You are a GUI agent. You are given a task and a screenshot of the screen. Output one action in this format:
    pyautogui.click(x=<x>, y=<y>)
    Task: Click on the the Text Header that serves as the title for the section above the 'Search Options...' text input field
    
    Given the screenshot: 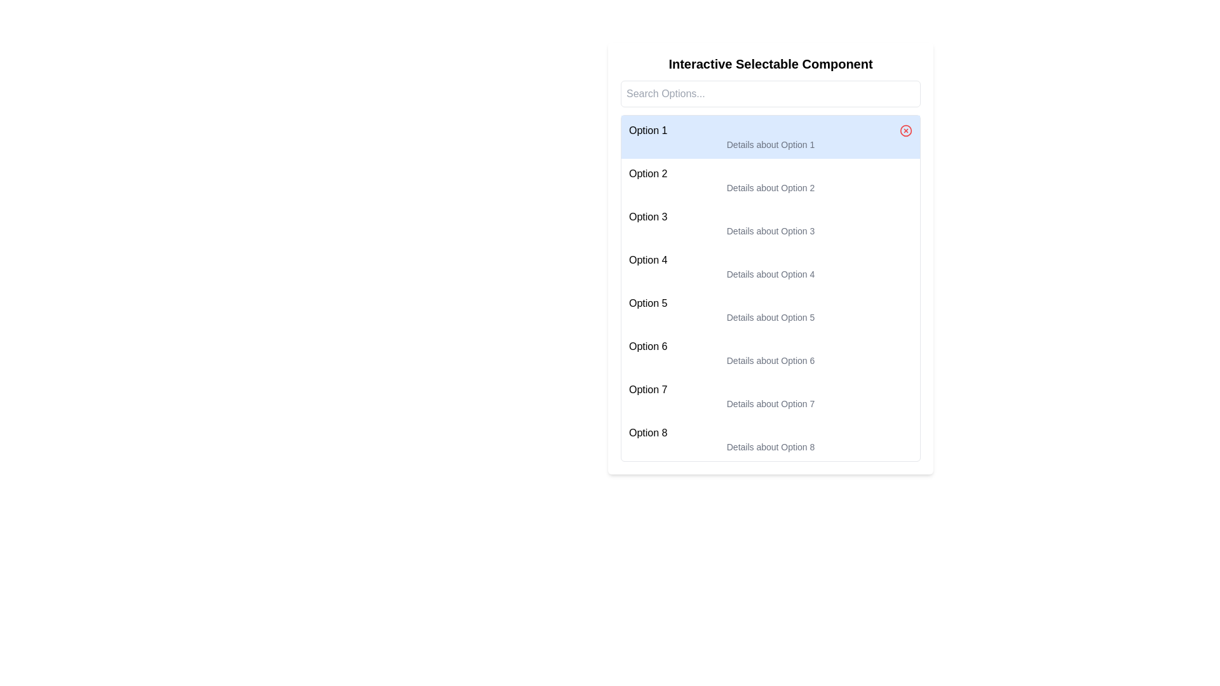 What is the action you would take?
    pyautogui.click(x=770, y=64)
    